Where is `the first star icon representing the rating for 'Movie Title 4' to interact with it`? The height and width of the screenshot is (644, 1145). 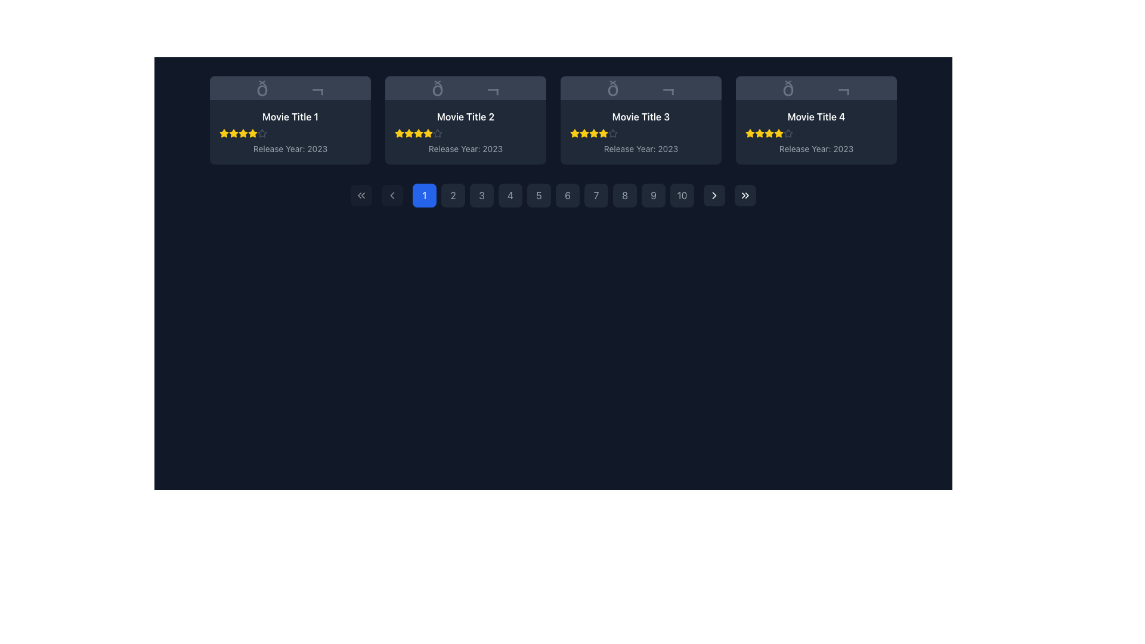
the first star icon representing the rating for 'Movie Title 4' to interact with it is located at coordinates (749, 133).